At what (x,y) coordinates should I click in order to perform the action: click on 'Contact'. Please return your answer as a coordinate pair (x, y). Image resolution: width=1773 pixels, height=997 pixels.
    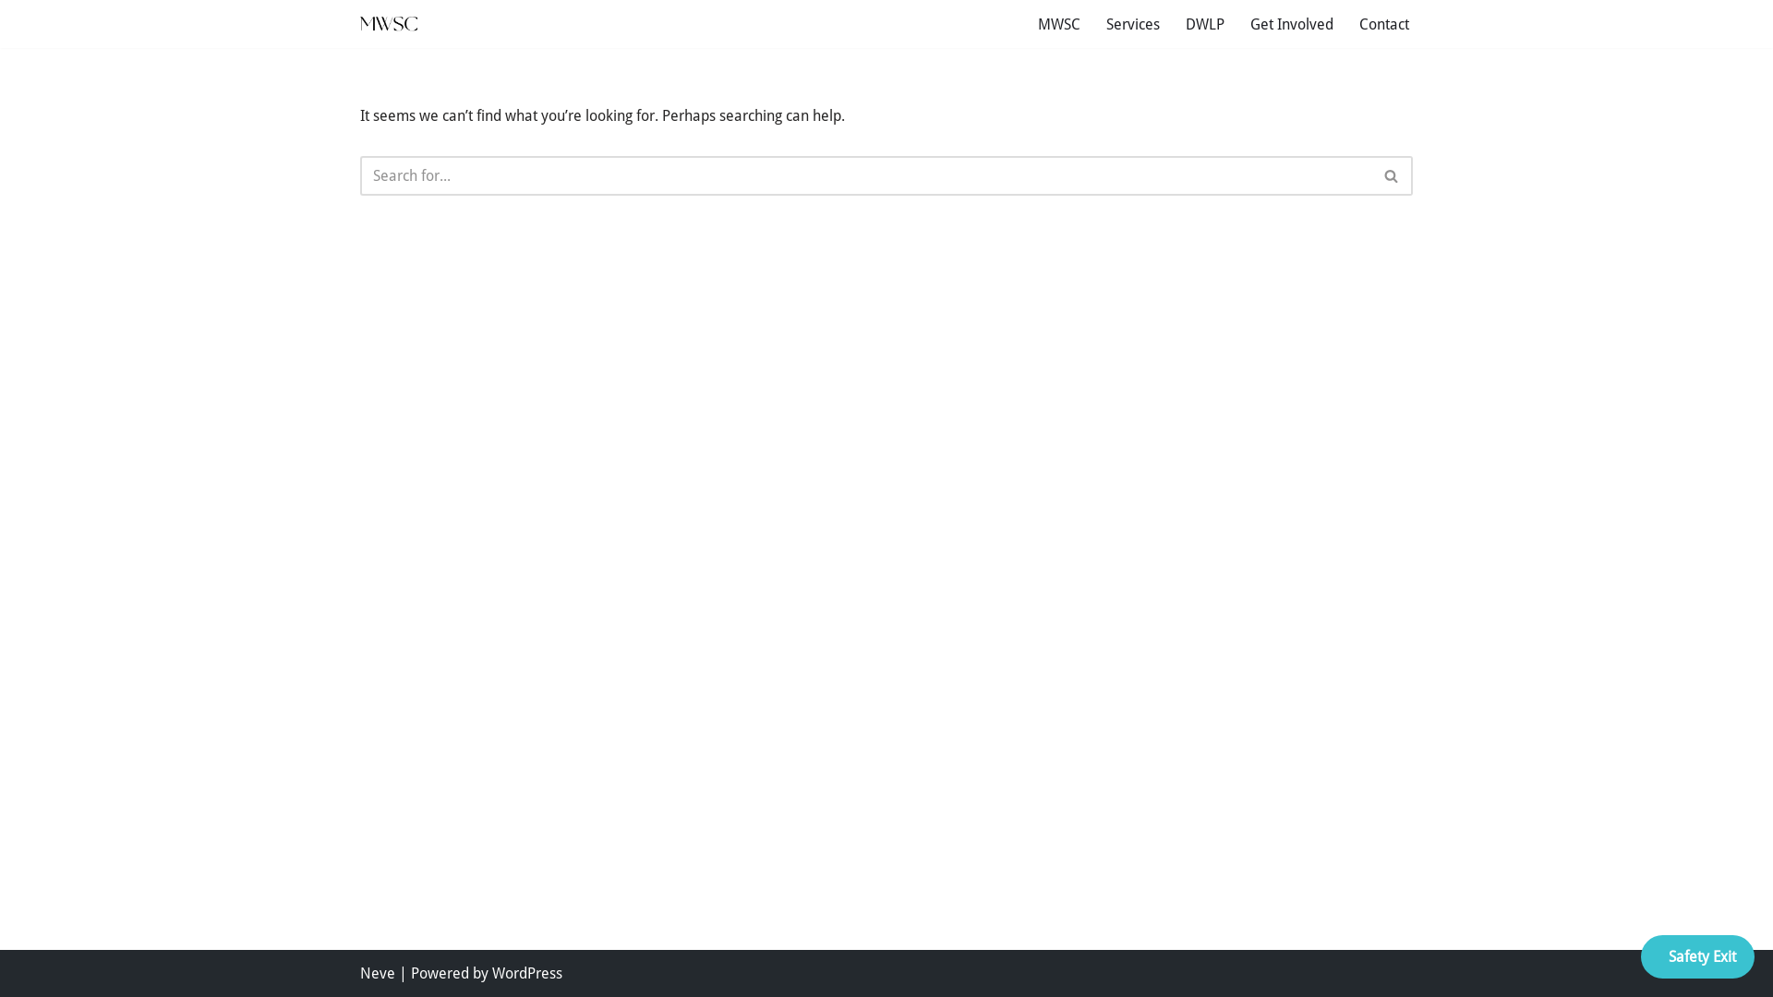
    Looking at the image, I should click on (1383, 24).